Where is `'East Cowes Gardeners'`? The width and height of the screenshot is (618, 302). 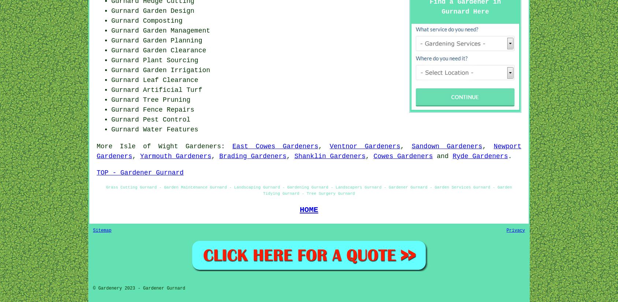 'East Cowes Gardeners' is located at coordinates (275, 146).